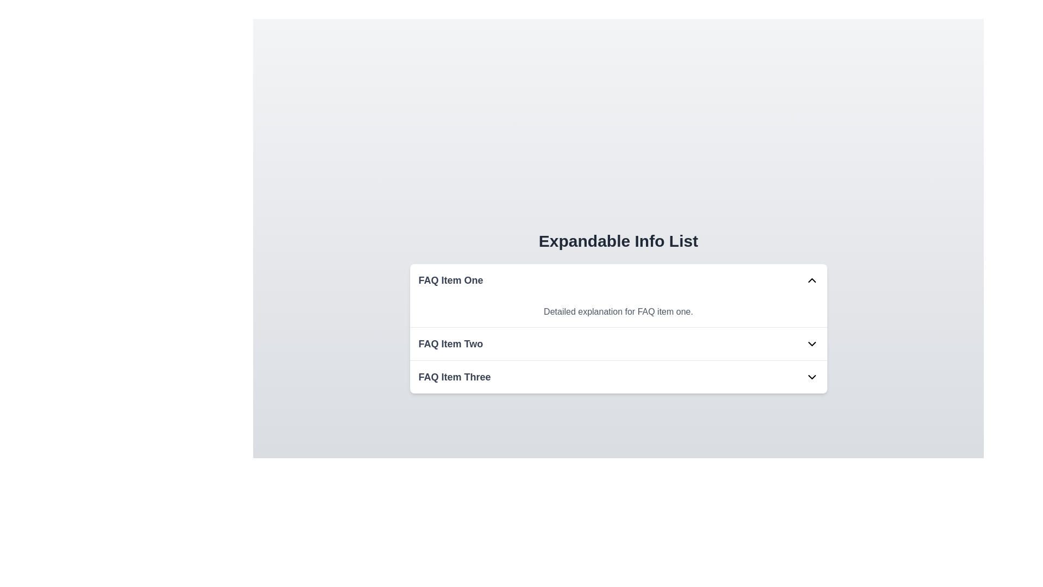 The image size is (1043, 587). I want to click on text displayed in the static text label 'FAQ Item Two', which is styled with a large and bold font and is part of a vertically aligned list of FAQ items, so click(450, 344).